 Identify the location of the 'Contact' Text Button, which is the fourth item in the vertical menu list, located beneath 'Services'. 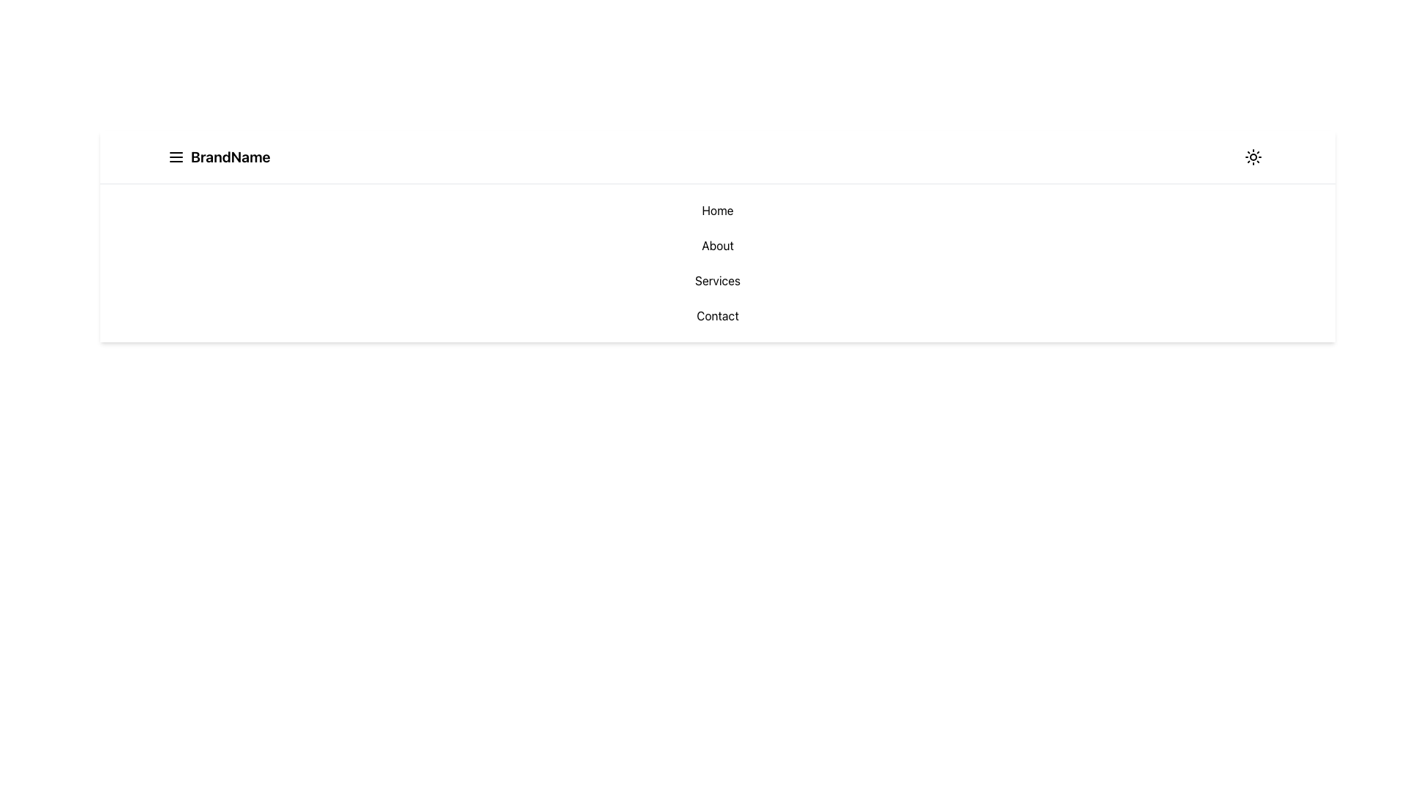
(717, 315).